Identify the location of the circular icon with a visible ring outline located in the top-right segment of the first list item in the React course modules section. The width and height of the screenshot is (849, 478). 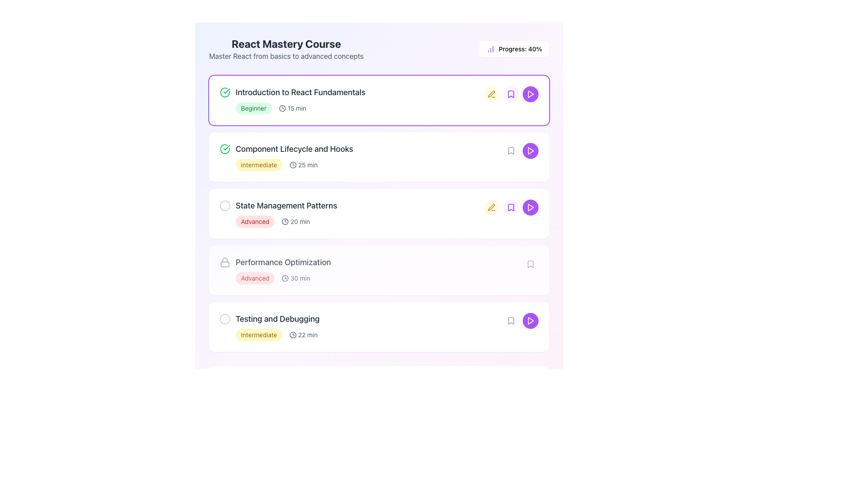
(282, 108).